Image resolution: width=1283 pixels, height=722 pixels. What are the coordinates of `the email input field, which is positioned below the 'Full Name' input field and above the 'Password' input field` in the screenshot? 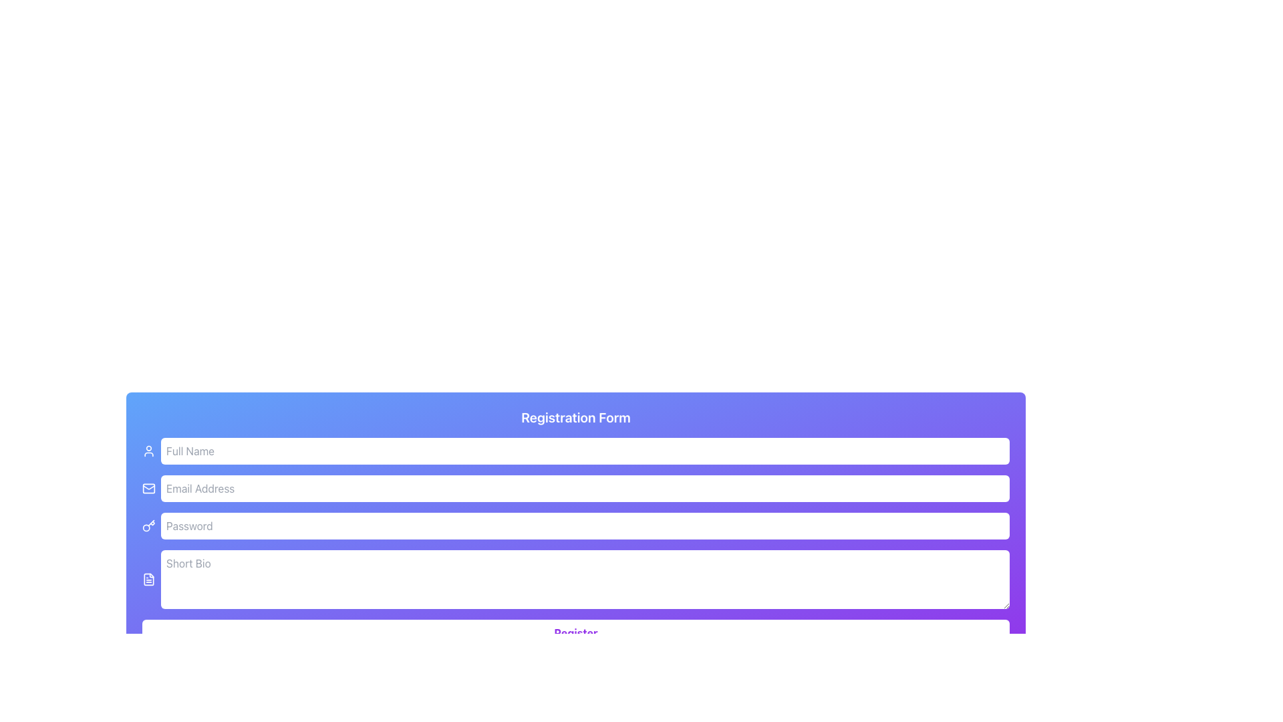 It's located at (585, 489).